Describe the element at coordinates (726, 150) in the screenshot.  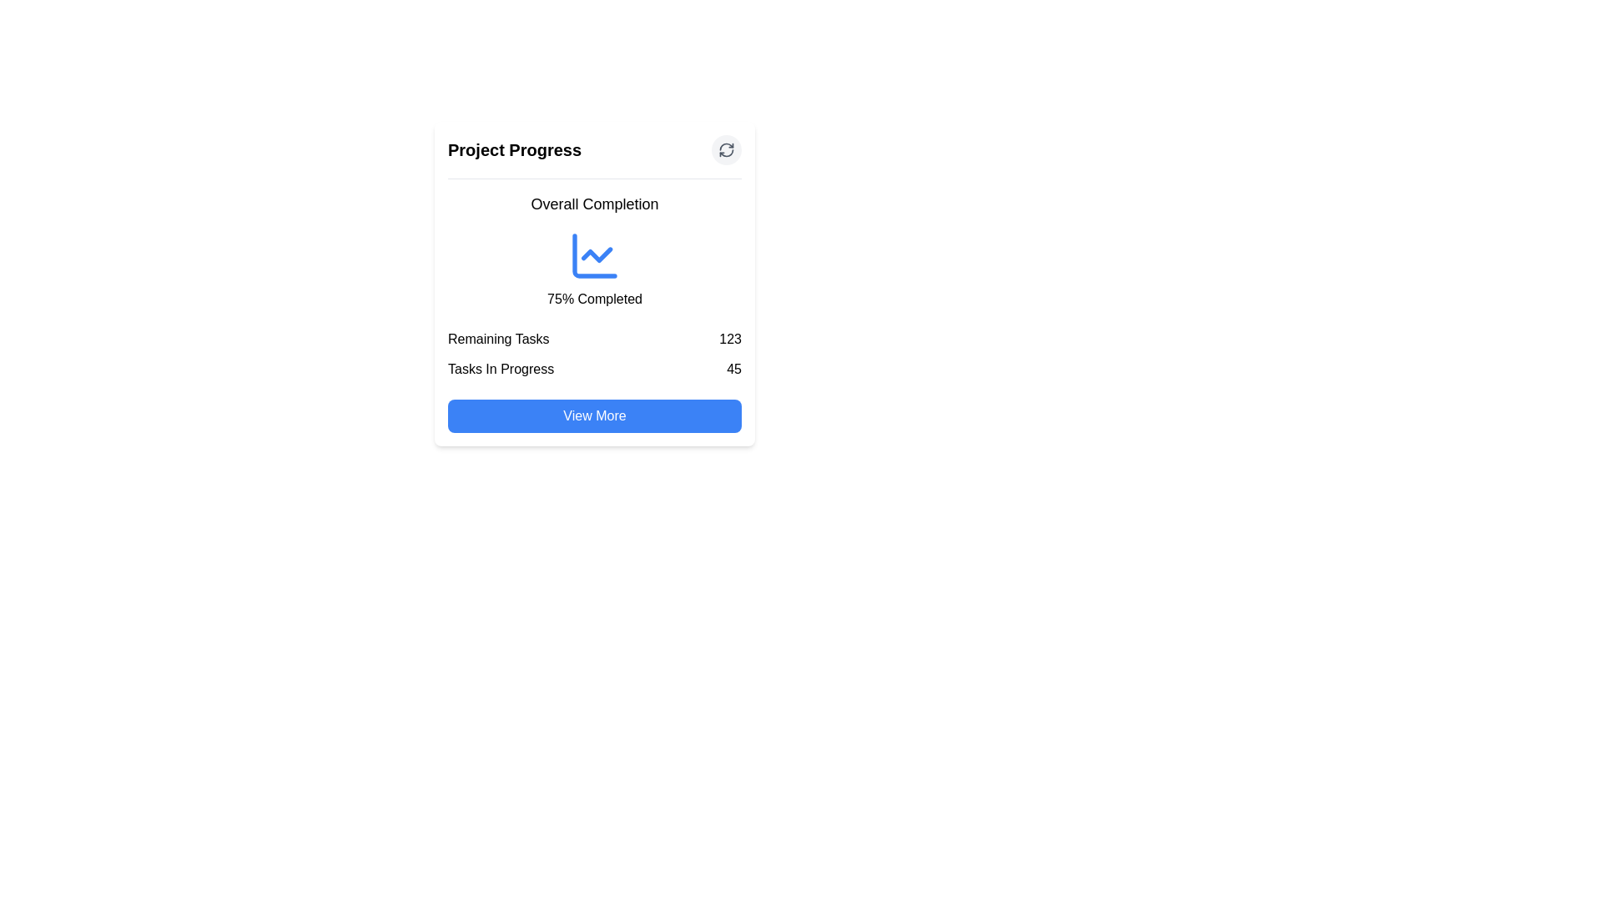
I see `the refresh icon button located in the top-right corner of the 'Project Progress' card to reload the displayed data` at that location.